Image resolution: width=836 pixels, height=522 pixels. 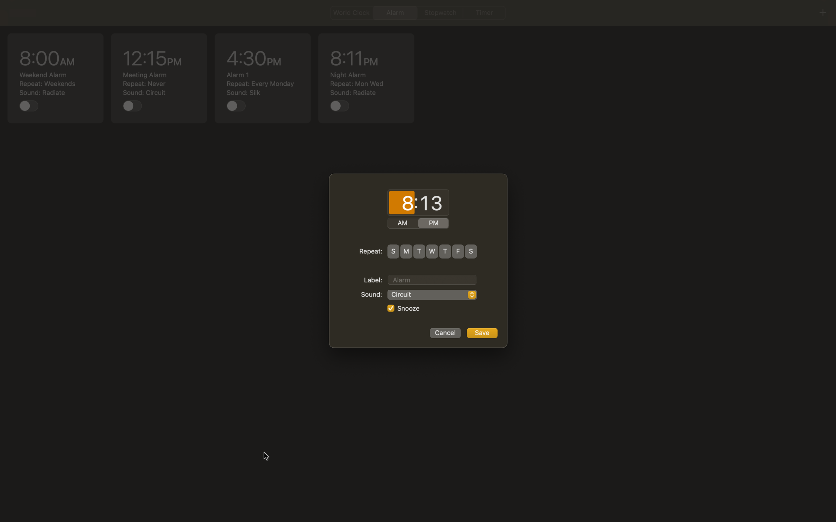 What do you see at coordinates (393, 251) in the screenshot?
I see `Configure alarm to ring daily` at bounding box center [393, 251].